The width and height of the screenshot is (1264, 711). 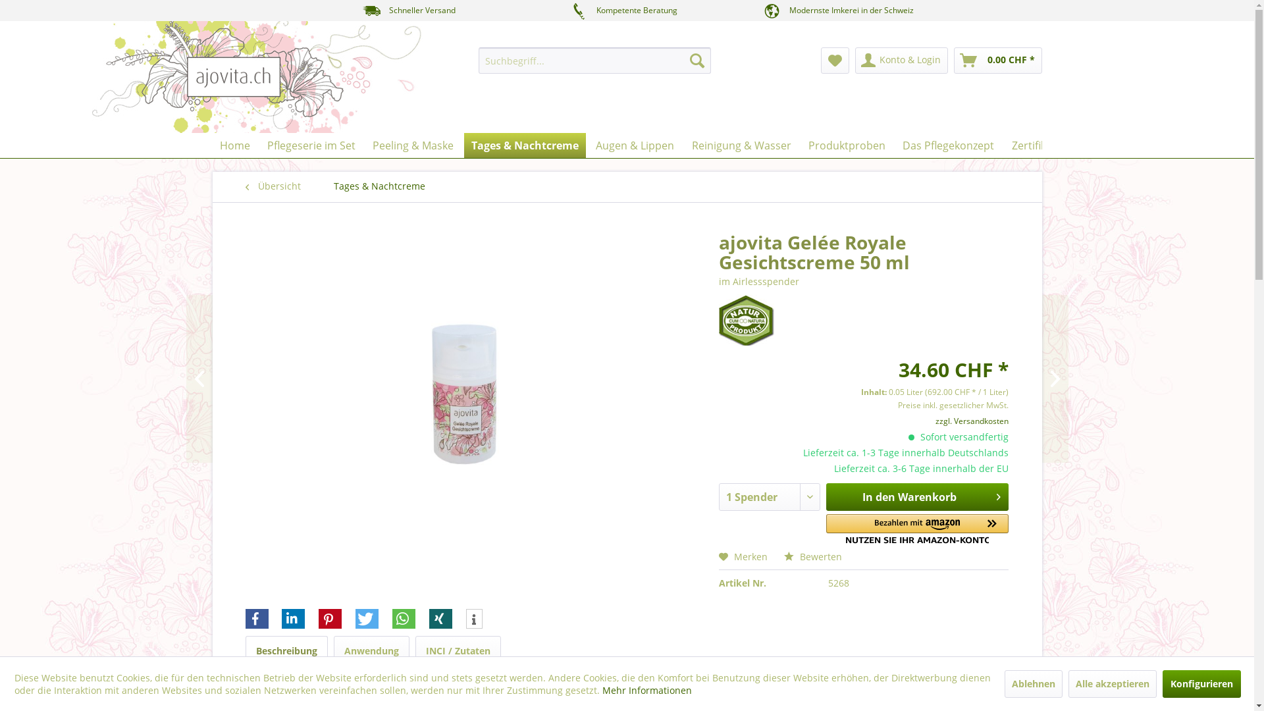 I want to click on 'Produktproben', so click(x=847, y=145).